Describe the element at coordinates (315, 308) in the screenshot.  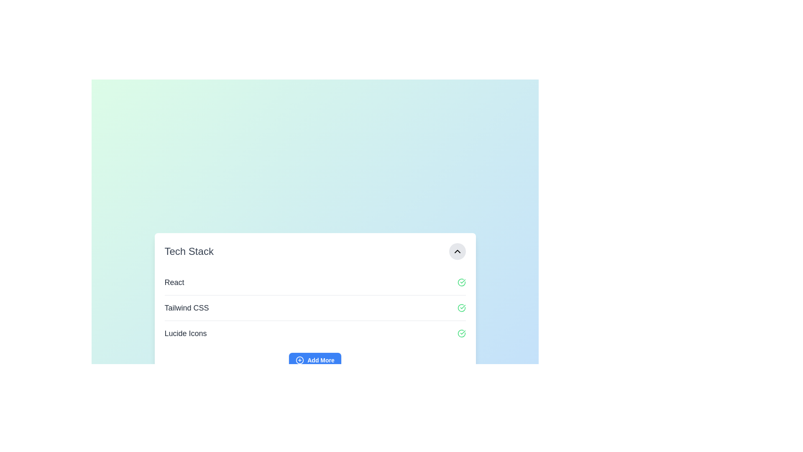
I see `the checkmark icon of the second item in the 'Tech Stack' list` at that location.